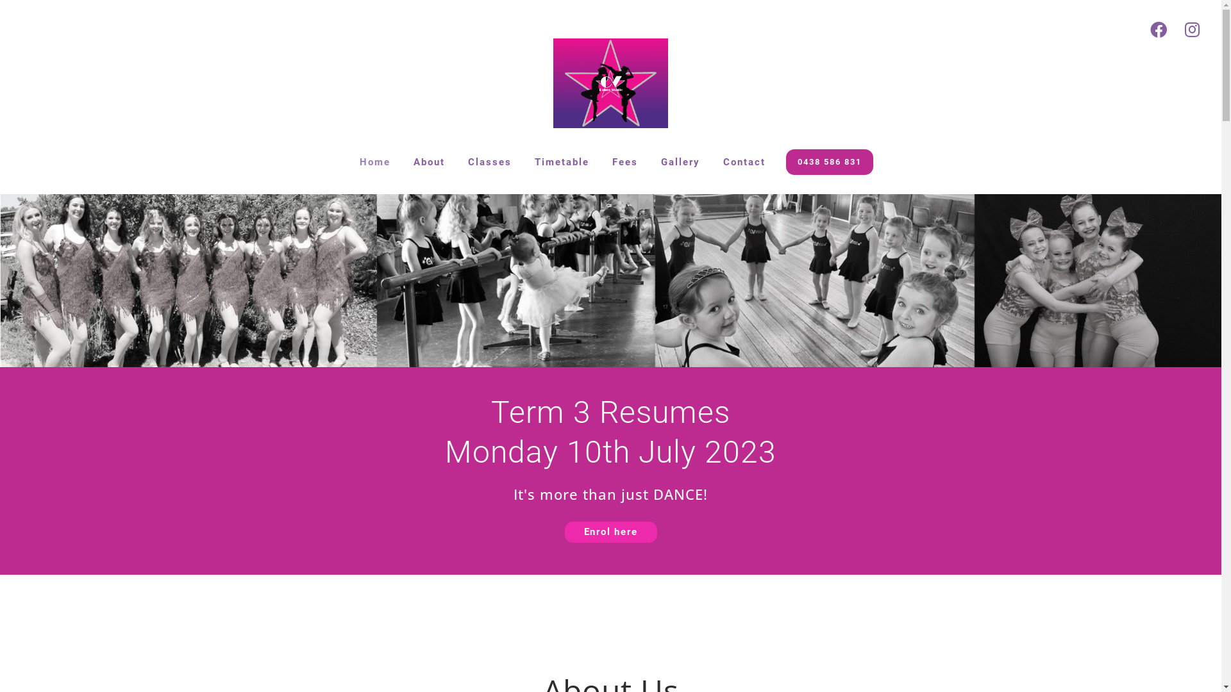  What do you see at coordinates (624, 161) in the screenshot?
I see `'Fees'` at bounding box center [624, 161].